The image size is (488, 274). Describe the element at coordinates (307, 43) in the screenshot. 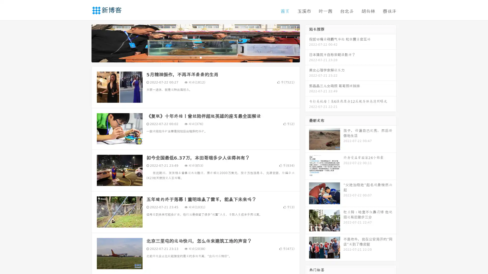

I see `Next slide` at that location.